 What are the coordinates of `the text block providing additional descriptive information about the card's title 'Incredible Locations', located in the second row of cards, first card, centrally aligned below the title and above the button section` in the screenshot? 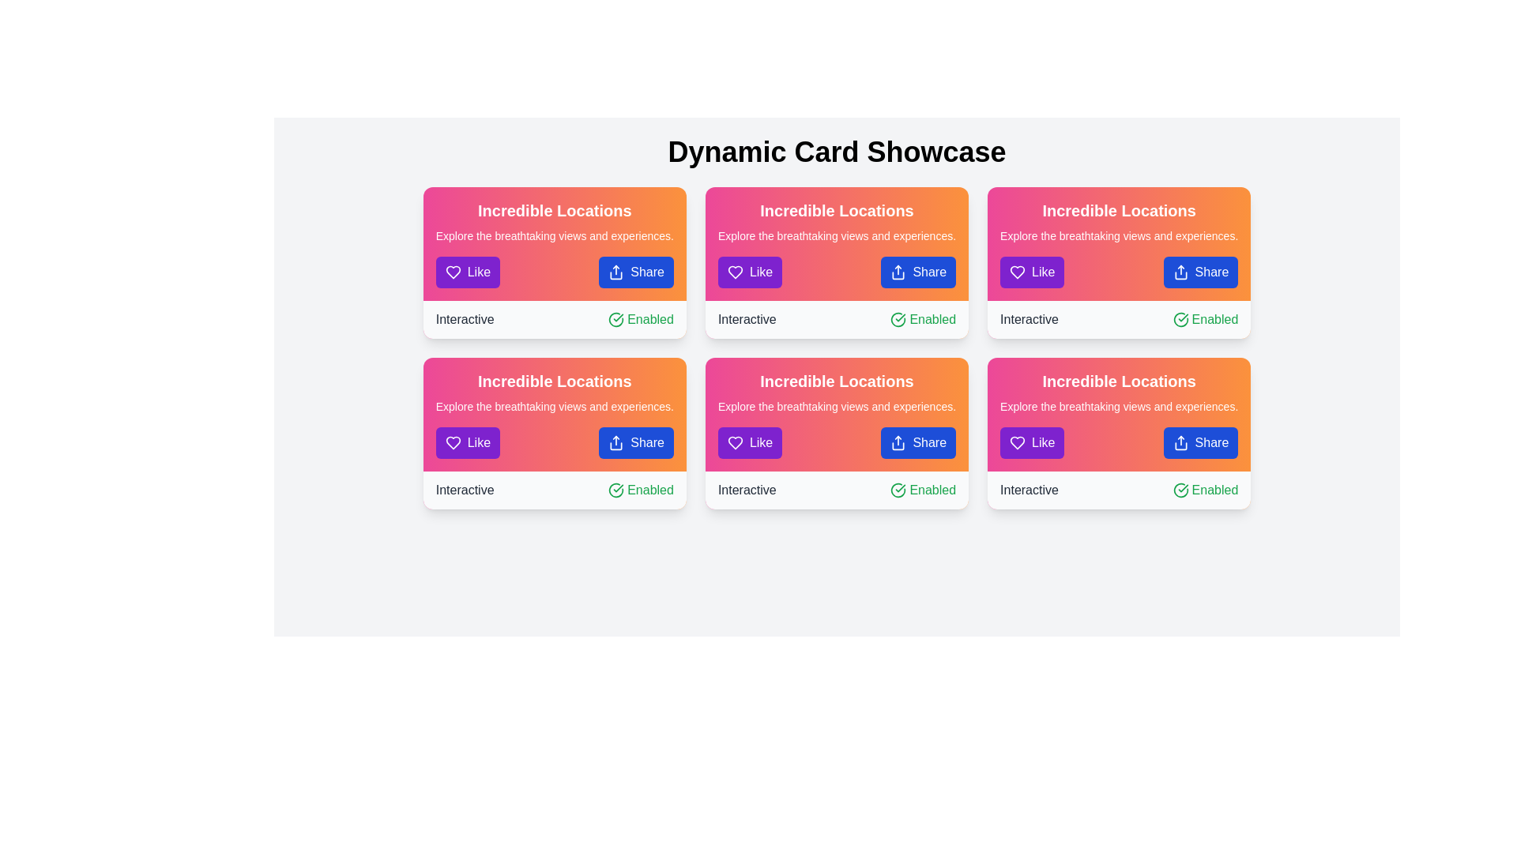 It's located at (836, 236).